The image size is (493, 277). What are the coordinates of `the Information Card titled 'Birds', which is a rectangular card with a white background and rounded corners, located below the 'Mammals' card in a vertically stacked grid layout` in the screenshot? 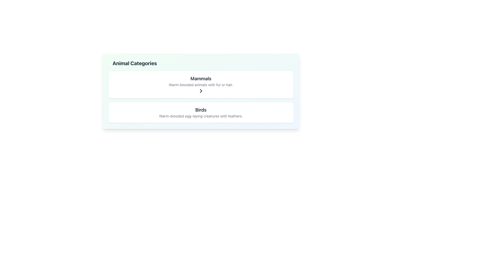 It's located at (201, 112).